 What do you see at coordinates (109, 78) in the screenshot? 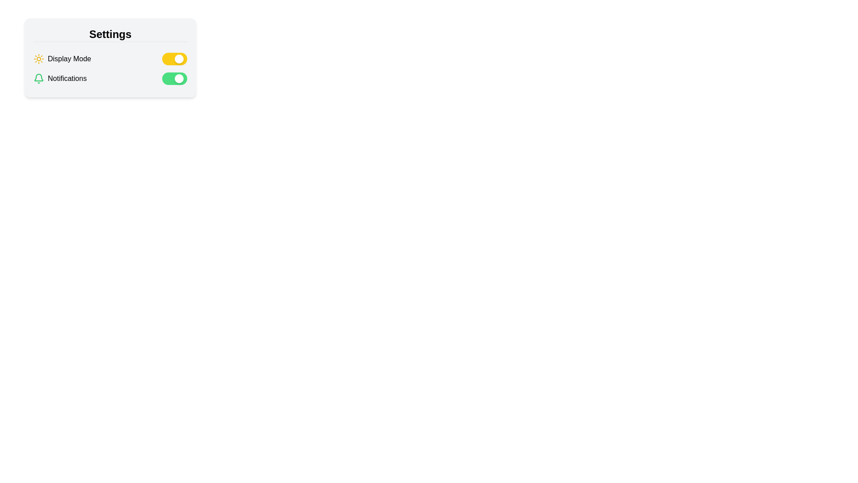
I see `the Toggle Setting Row for notifications, which is the second item in the vertical list of configuration options` at bounding box center [109, 78].